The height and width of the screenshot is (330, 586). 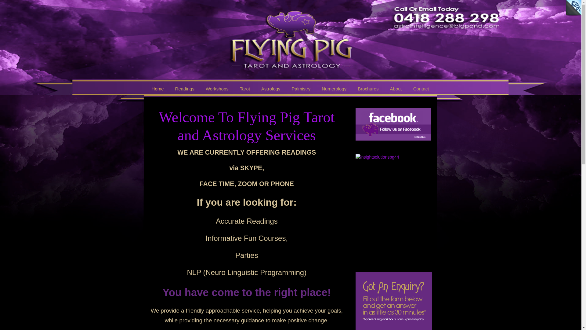 What do you see at coordinates (245, 89) in the screenshot?
I see `'Tarot'` at bounding box center [245, 89].